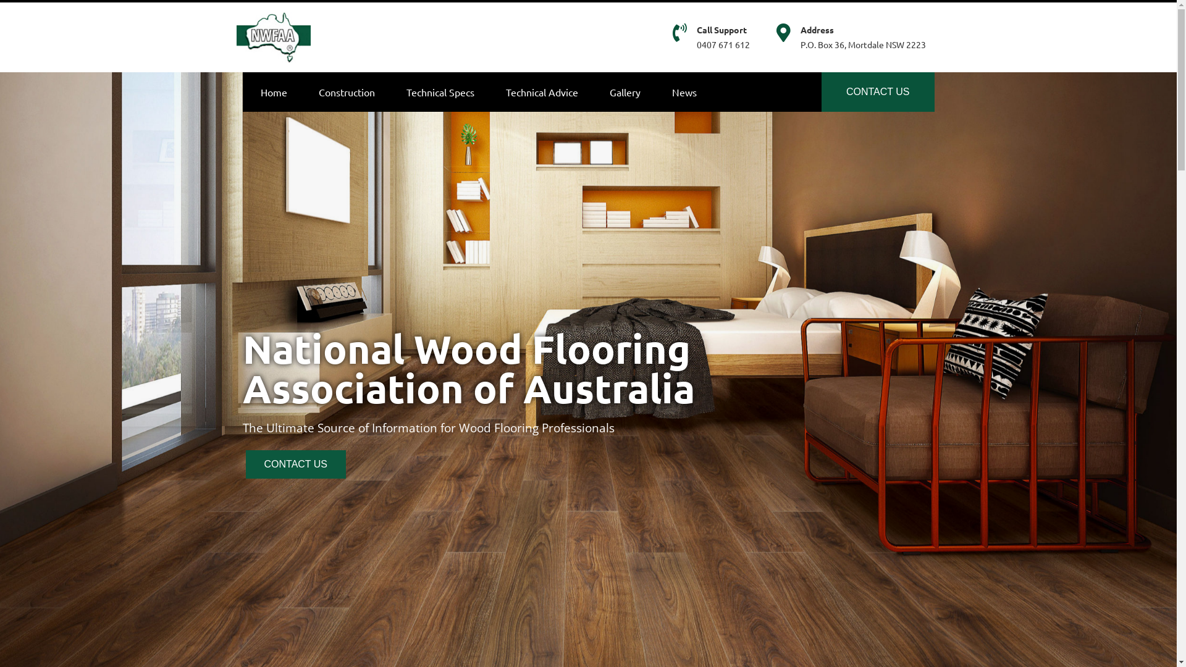 This screenshot has height=667, width=1186. Describe the element at coordinates (625, 90) in the screenshot. I see `'Gallery'` at that location.